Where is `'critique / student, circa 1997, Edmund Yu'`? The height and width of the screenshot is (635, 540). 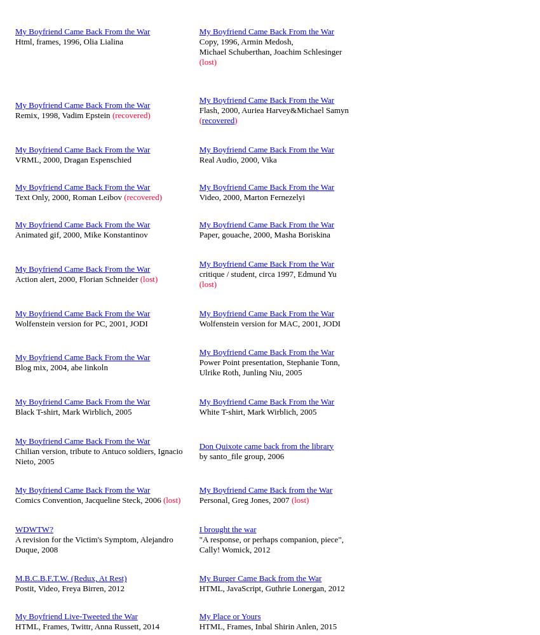
'critique / student, circa 1997, Edmund Yu' is located at coordinates (198, 274).